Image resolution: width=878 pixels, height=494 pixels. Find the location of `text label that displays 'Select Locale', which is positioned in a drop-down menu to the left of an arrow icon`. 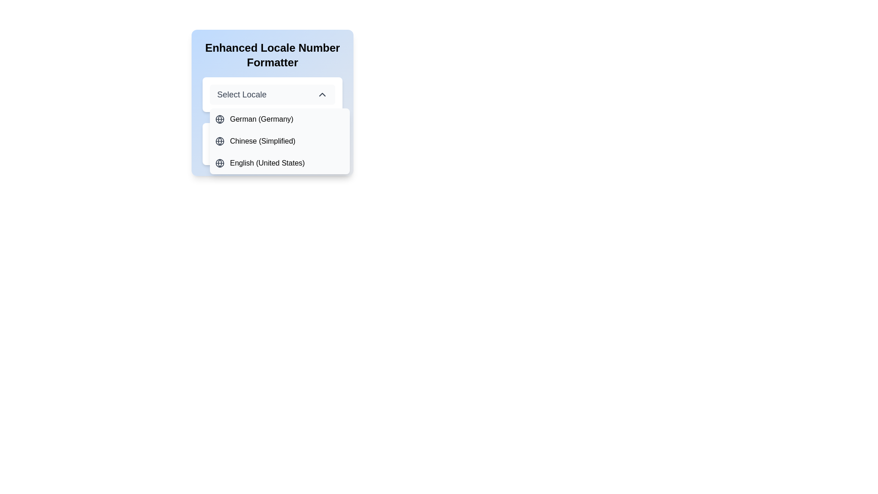

text label that displays 'Select Locale', which is positioned in a drop-down menu to the left of an arrow icon is located at coordinates (241, 95).